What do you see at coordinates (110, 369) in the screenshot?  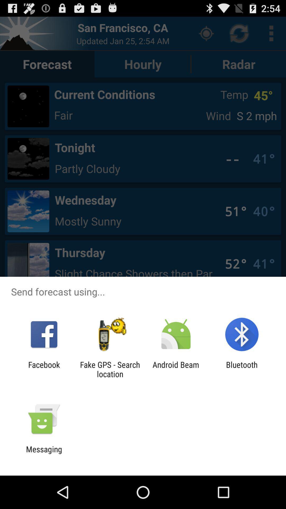 I see `the app next to the android beam app` at bounding box center [110, 369].